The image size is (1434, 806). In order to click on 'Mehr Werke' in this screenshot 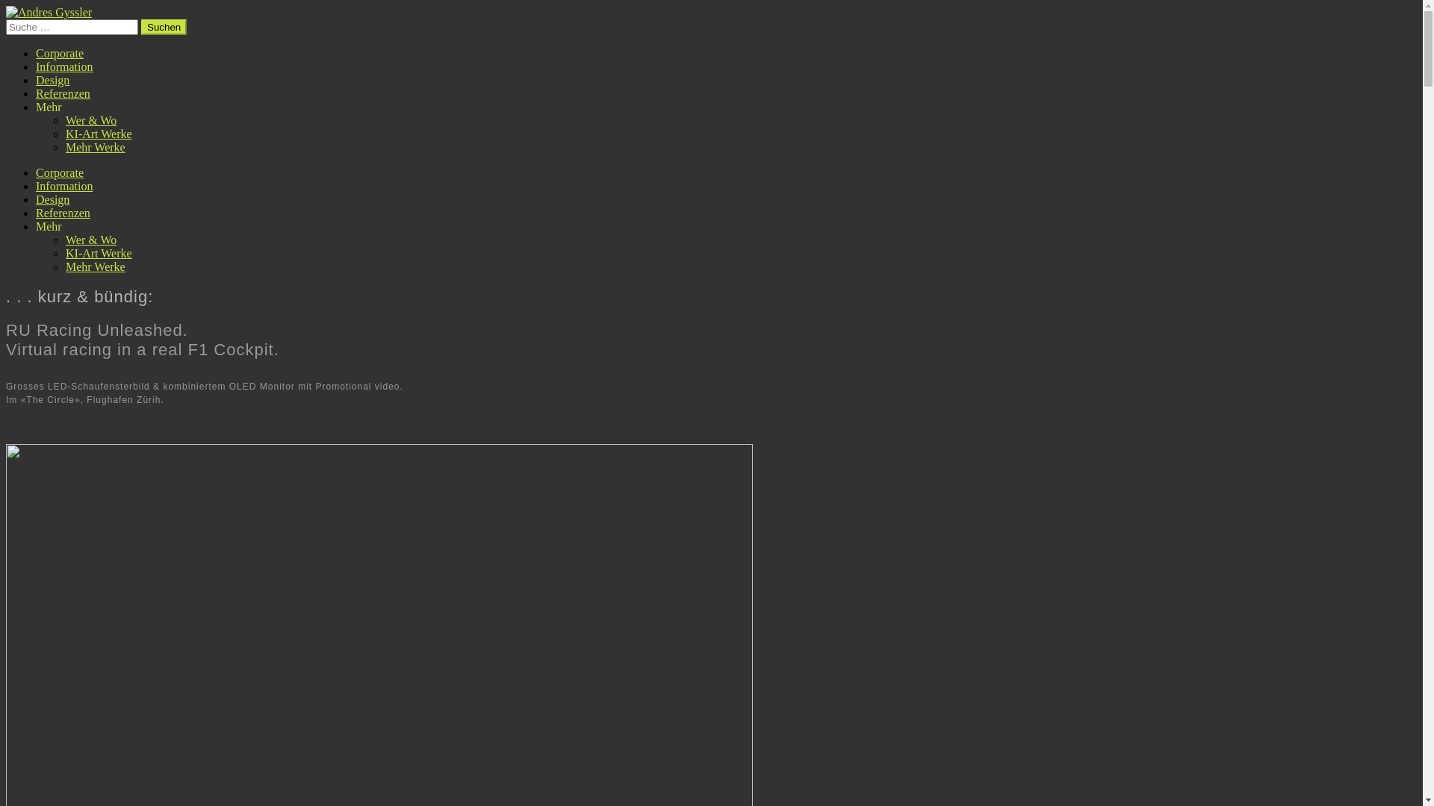, I will do `click(95, 266)`.